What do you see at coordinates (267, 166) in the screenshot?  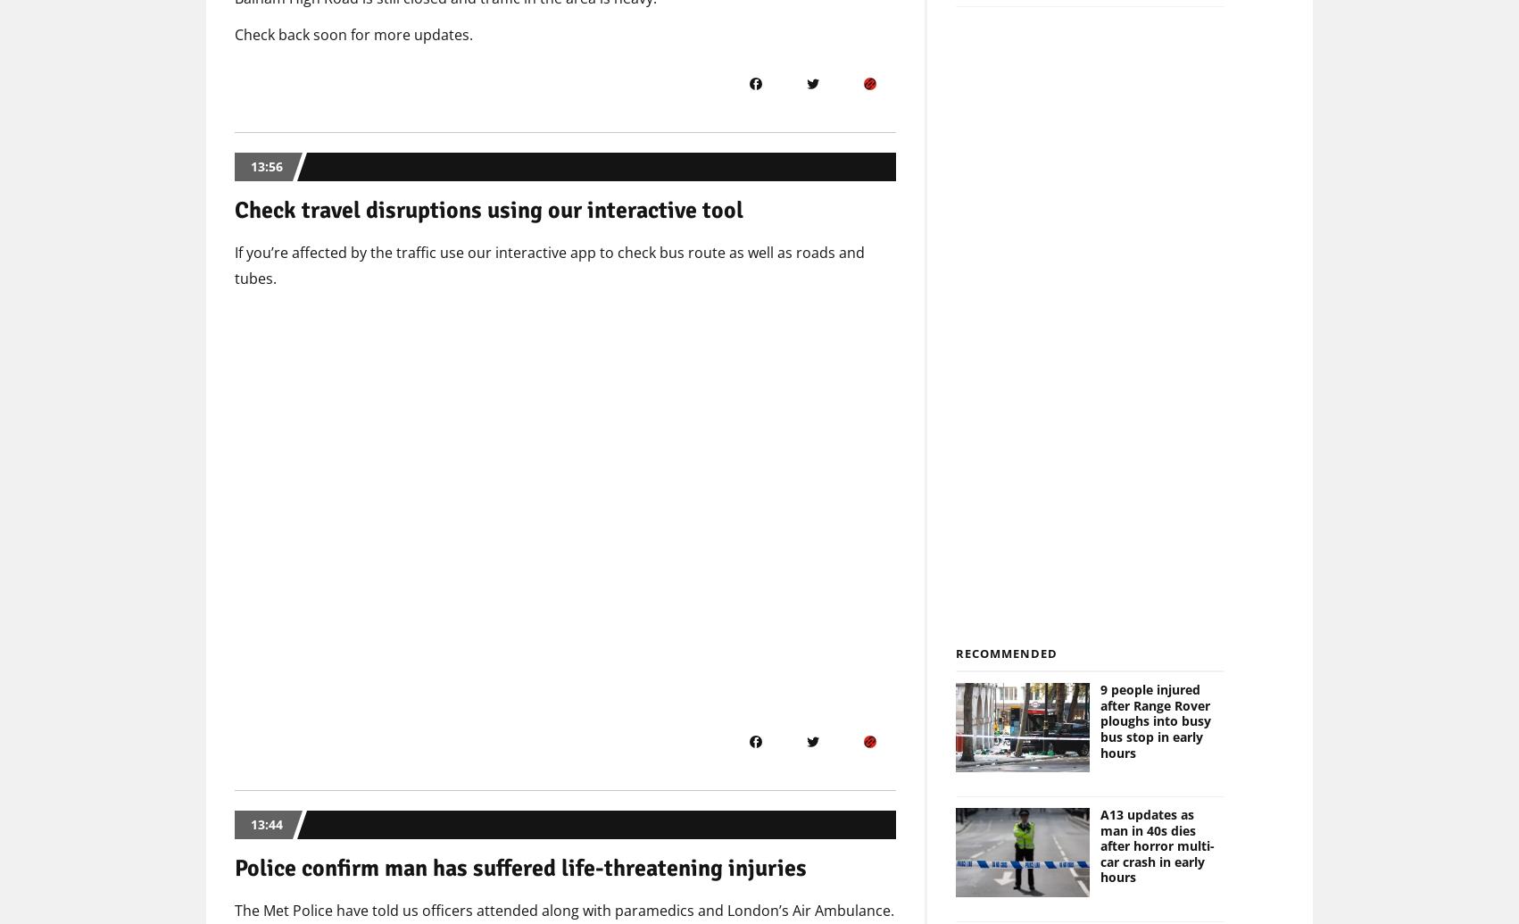 I see `'13:56'` at bounding box center [267, 166].